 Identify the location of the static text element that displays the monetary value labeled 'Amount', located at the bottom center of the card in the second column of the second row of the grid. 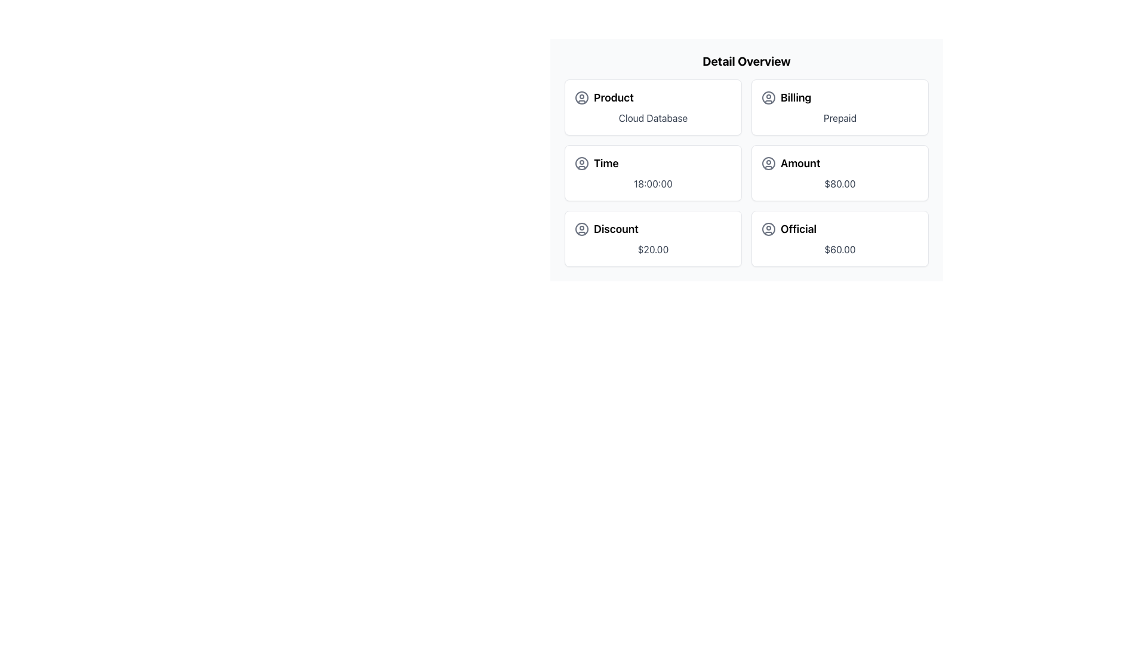
(839, 184).